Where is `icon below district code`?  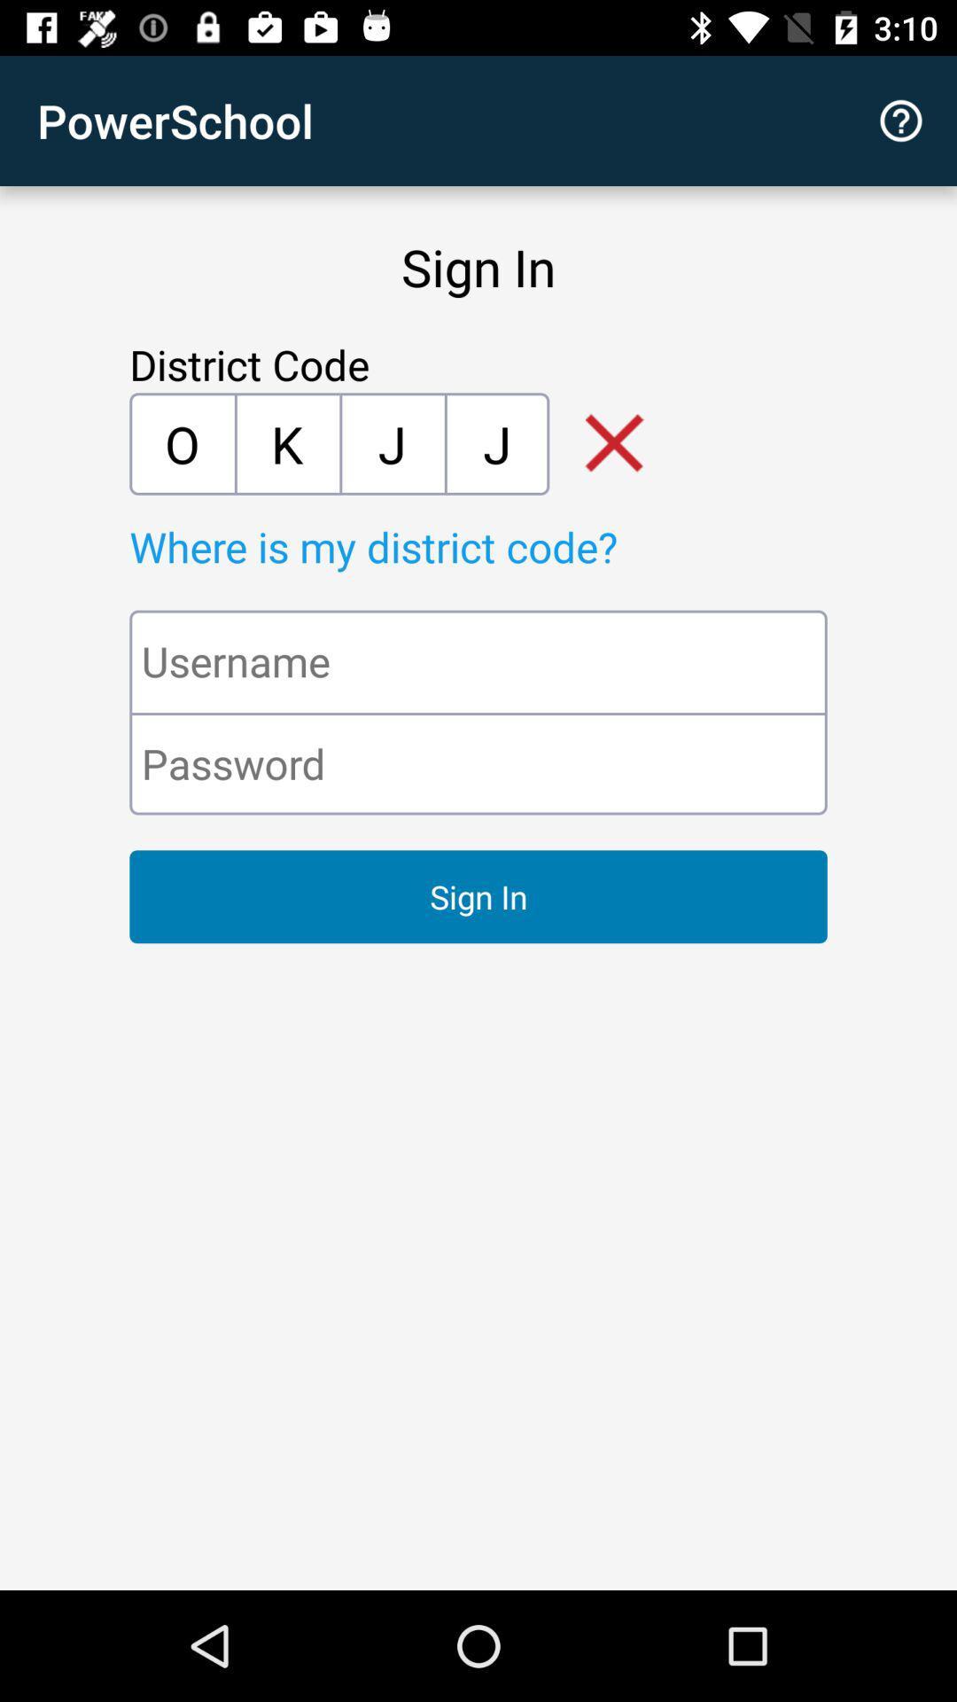 icon below district code is located at coordinates (286, 443).